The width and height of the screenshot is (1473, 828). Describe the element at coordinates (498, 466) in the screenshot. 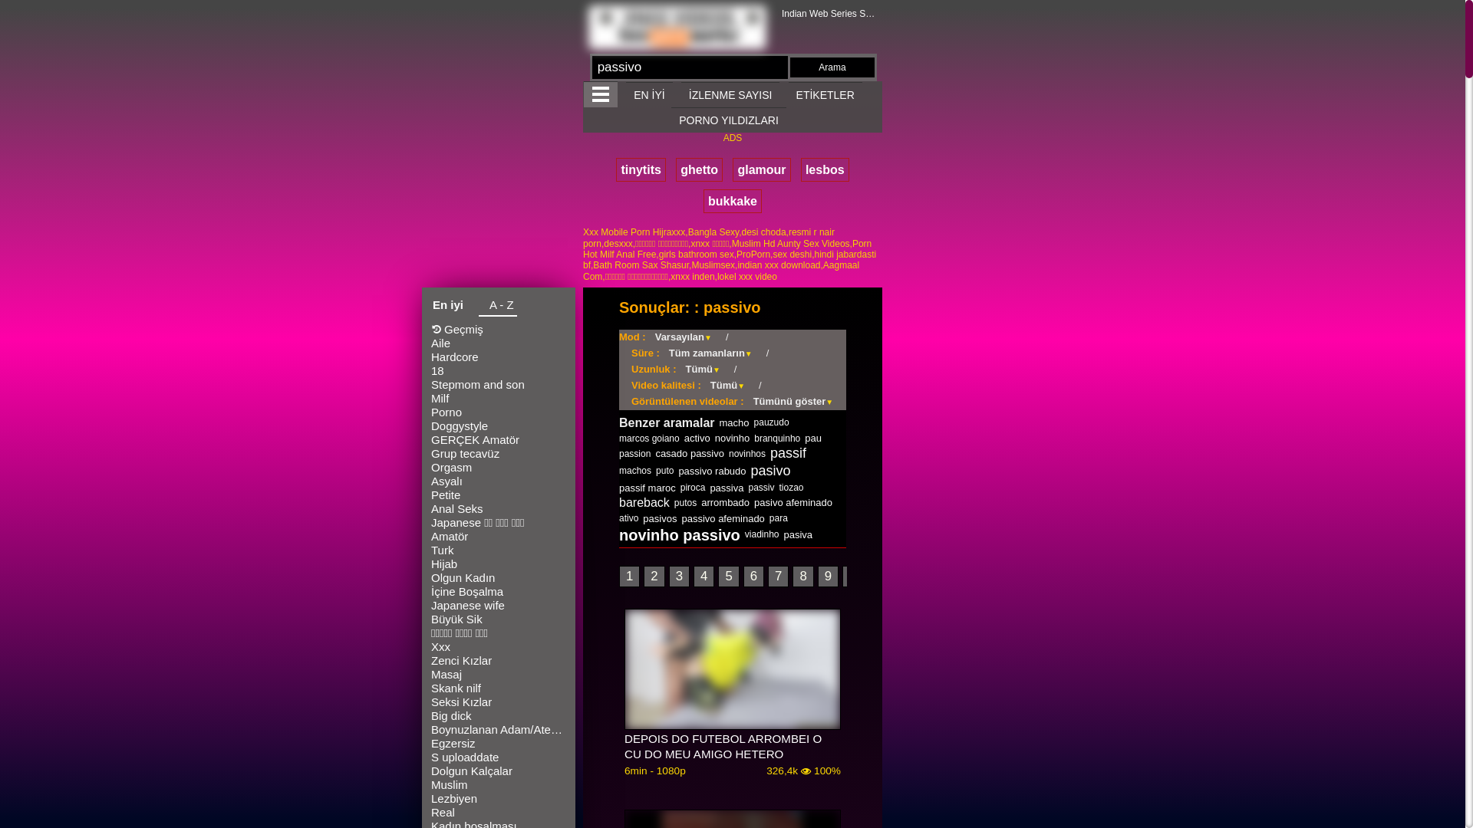

I see `'Orgasm'` at that location.